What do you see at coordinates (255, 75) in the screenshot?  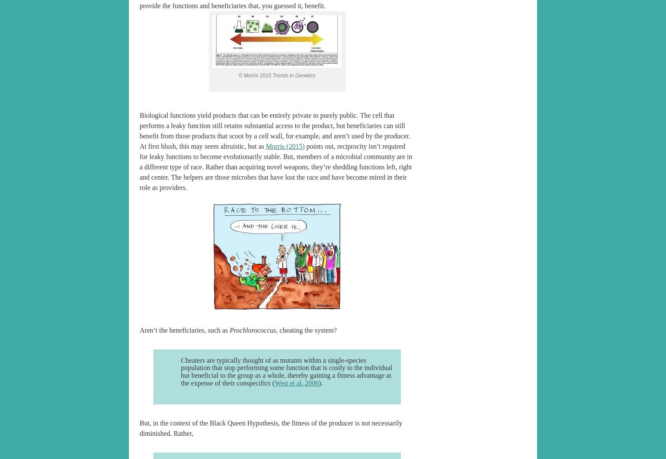 I see `'© Morris 2015'` at bounding box center [255, 75].